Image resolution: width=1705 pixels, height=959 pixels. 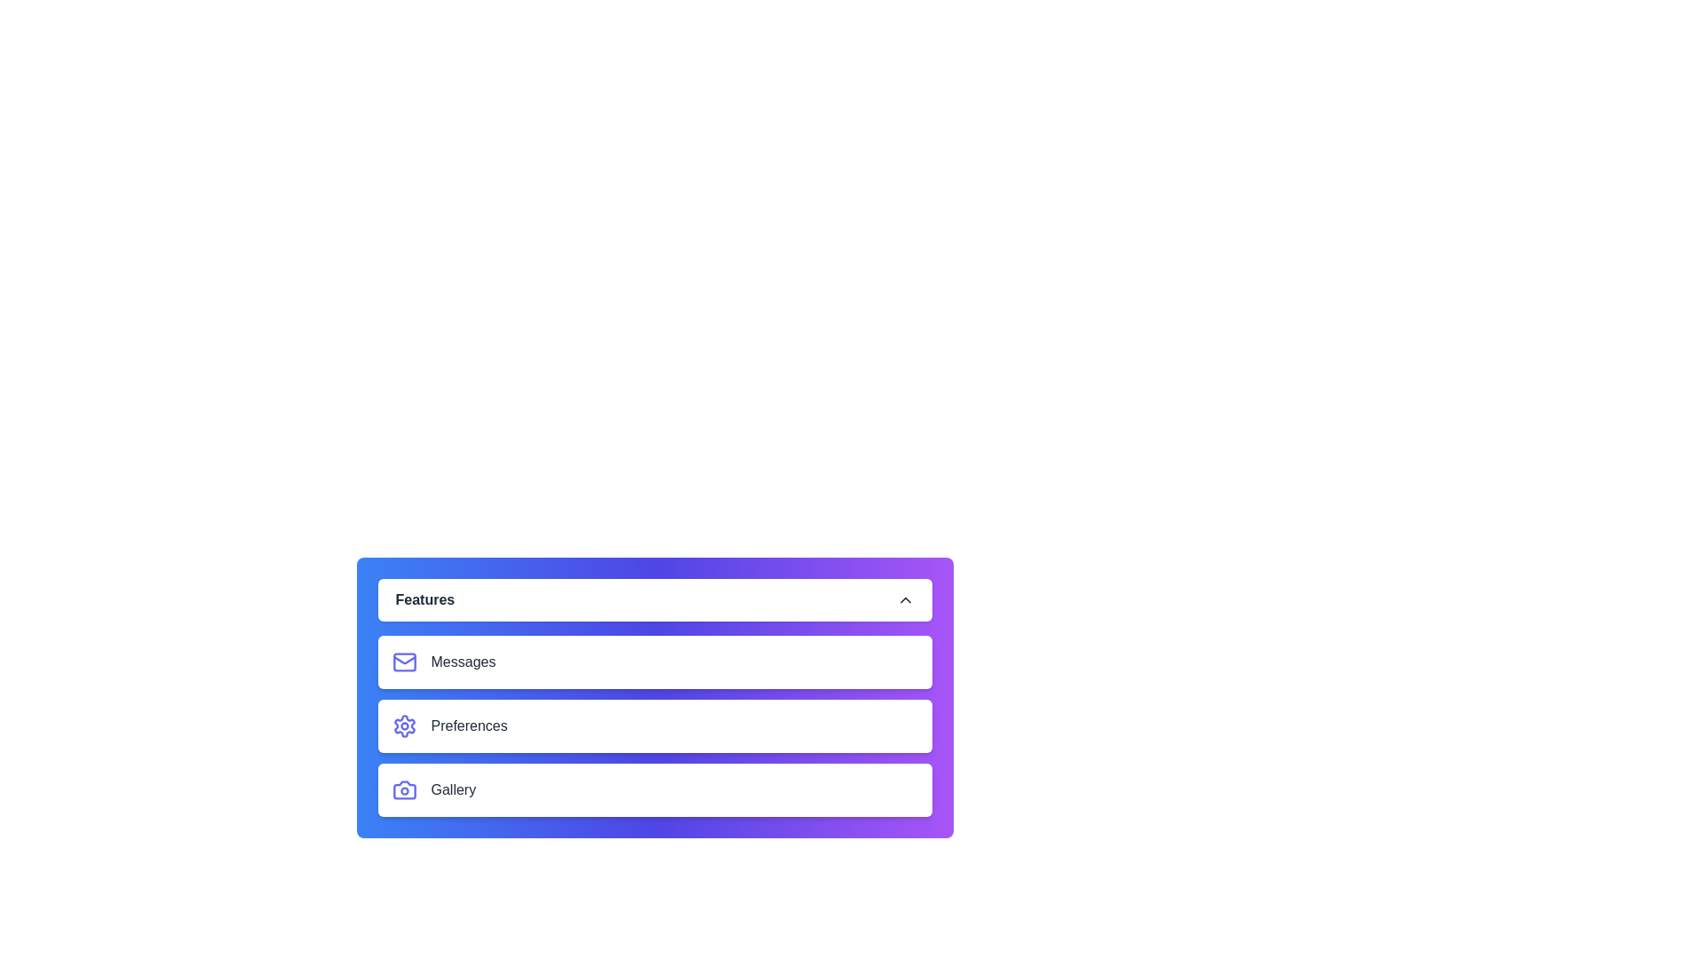 I want to click on the menu item labeled Gallery to inspect its icon, so click(x=654, y=789).